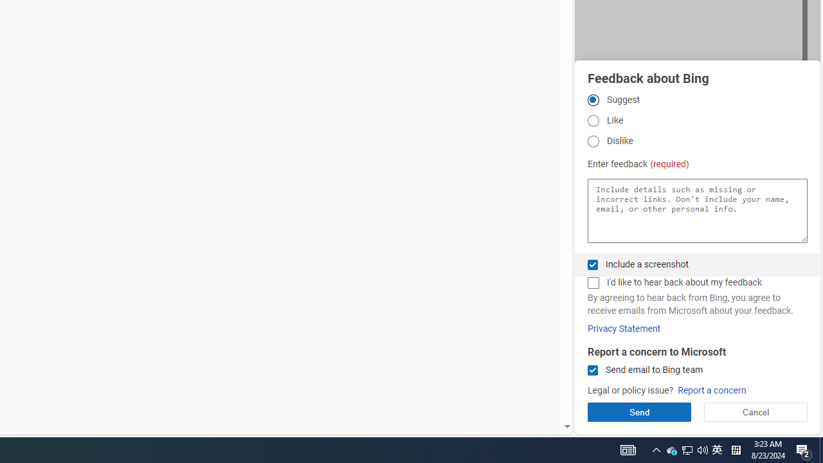  Describe the element at coordinates (639, 412) in the screenshot. I see `'Send'` at that location.